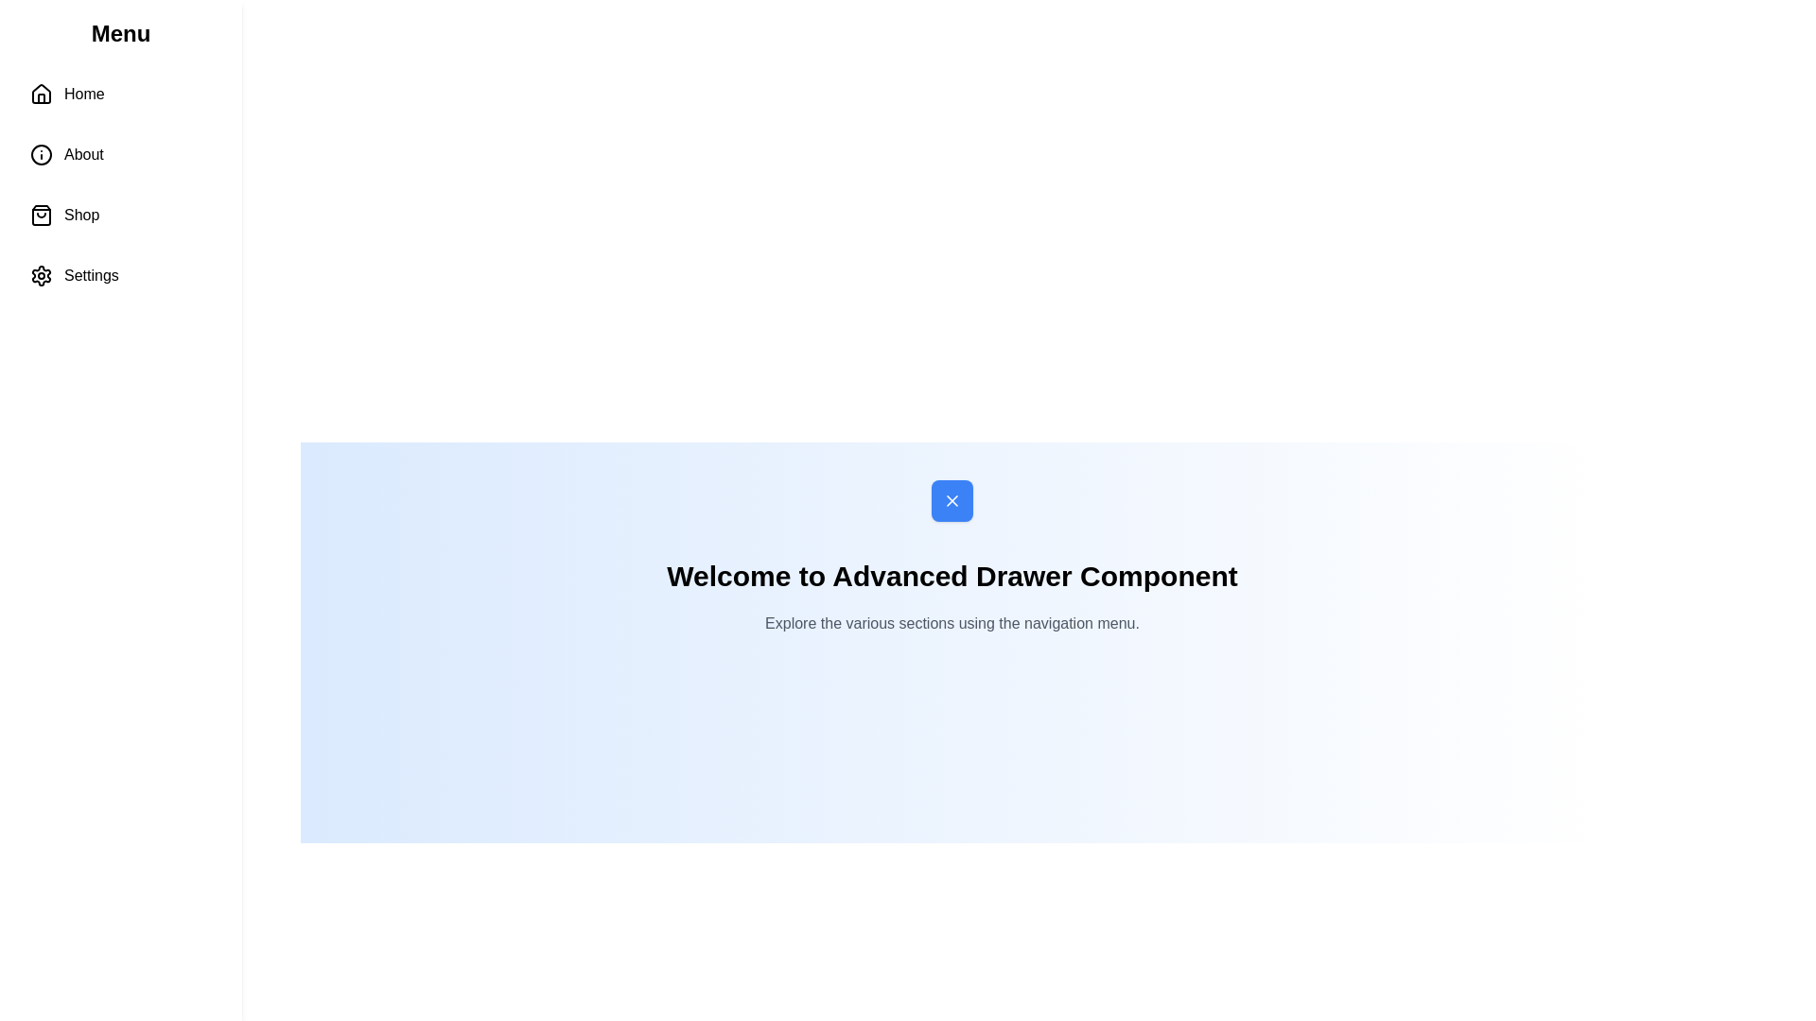  I want to click on the blue rectangular button with rounded corners that contains a white 'x' icon to observe visual feedback, so click(952, 499).